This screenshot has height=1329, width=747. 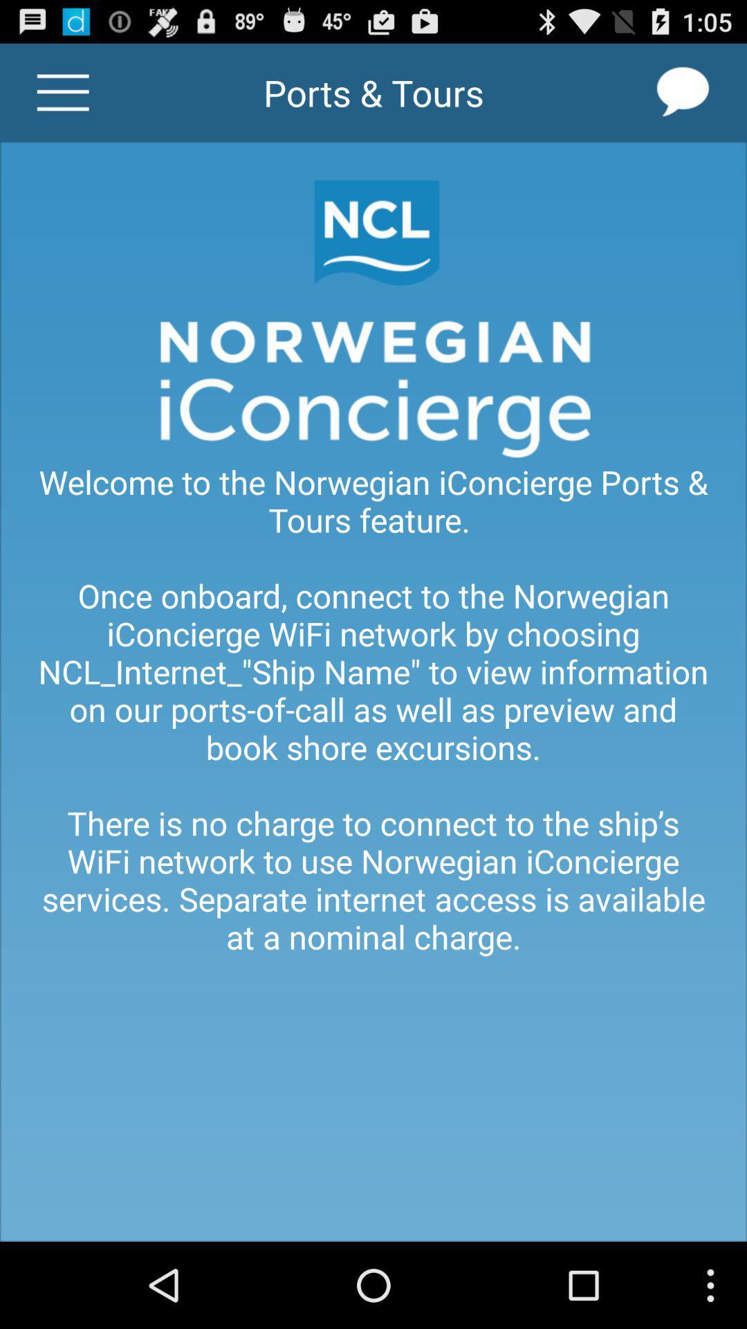 What do you see at coordinates (63, 98) in the screenshot?
I see `the menu icon` at bounding box center [63, 98].